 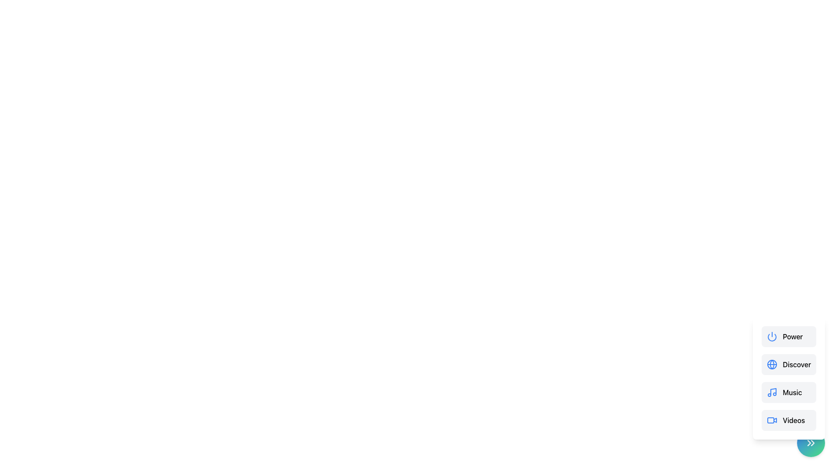 I want to click on the text label that says 'Videos', which is styled with medium font weight and located at the bottom of the vertical menu on the right side of the interface, so click(x=794, y=420).